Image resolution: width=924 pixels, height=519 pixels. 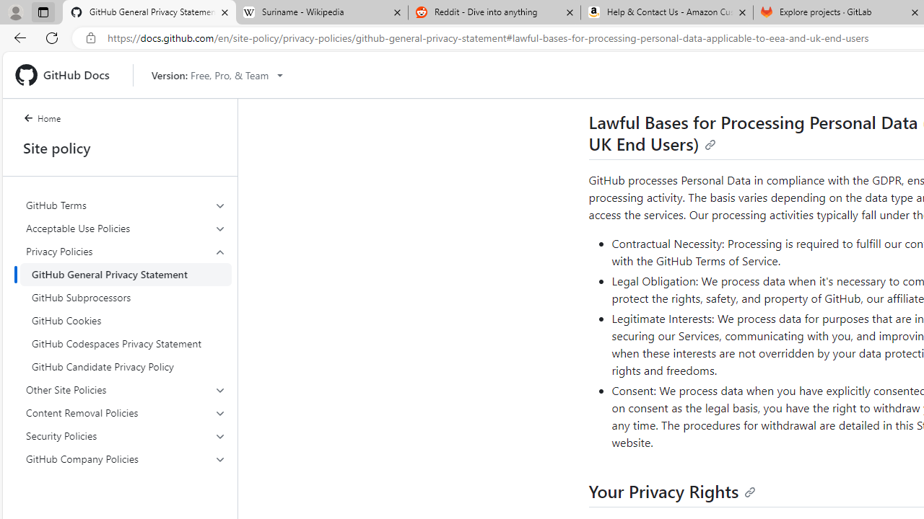 What do you see at coordinates (126, 390) in the screenshot?
I see `'Other Site Policies'` at bounding box center [126, 390].